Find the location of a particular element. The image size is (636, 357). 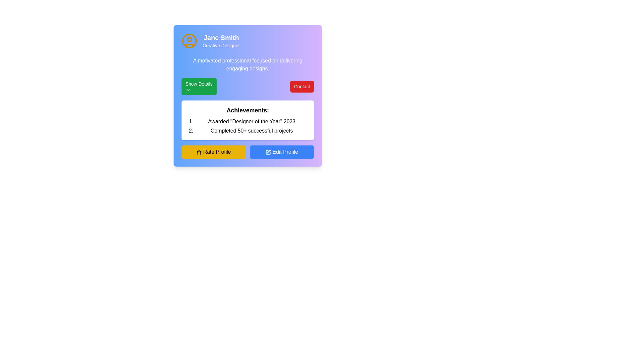

text content that conveys the achievement of 'Designer of the Year' for 2023, which is the first item in the numbered list under the 'Achievements' section is located at coordinates (251, 121).